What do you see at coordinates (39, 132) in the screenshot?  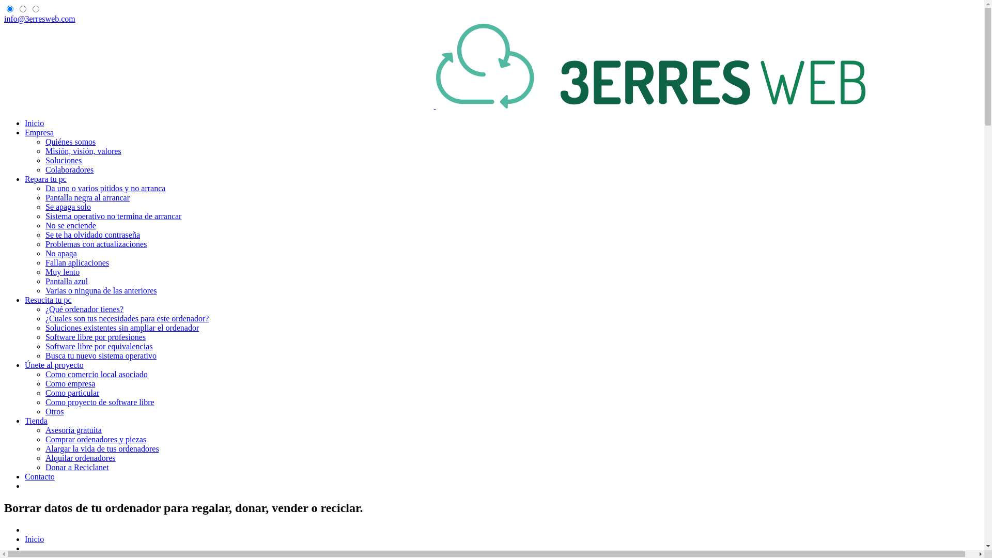 I see `'Empresa'` at bounding box center [39, 132].